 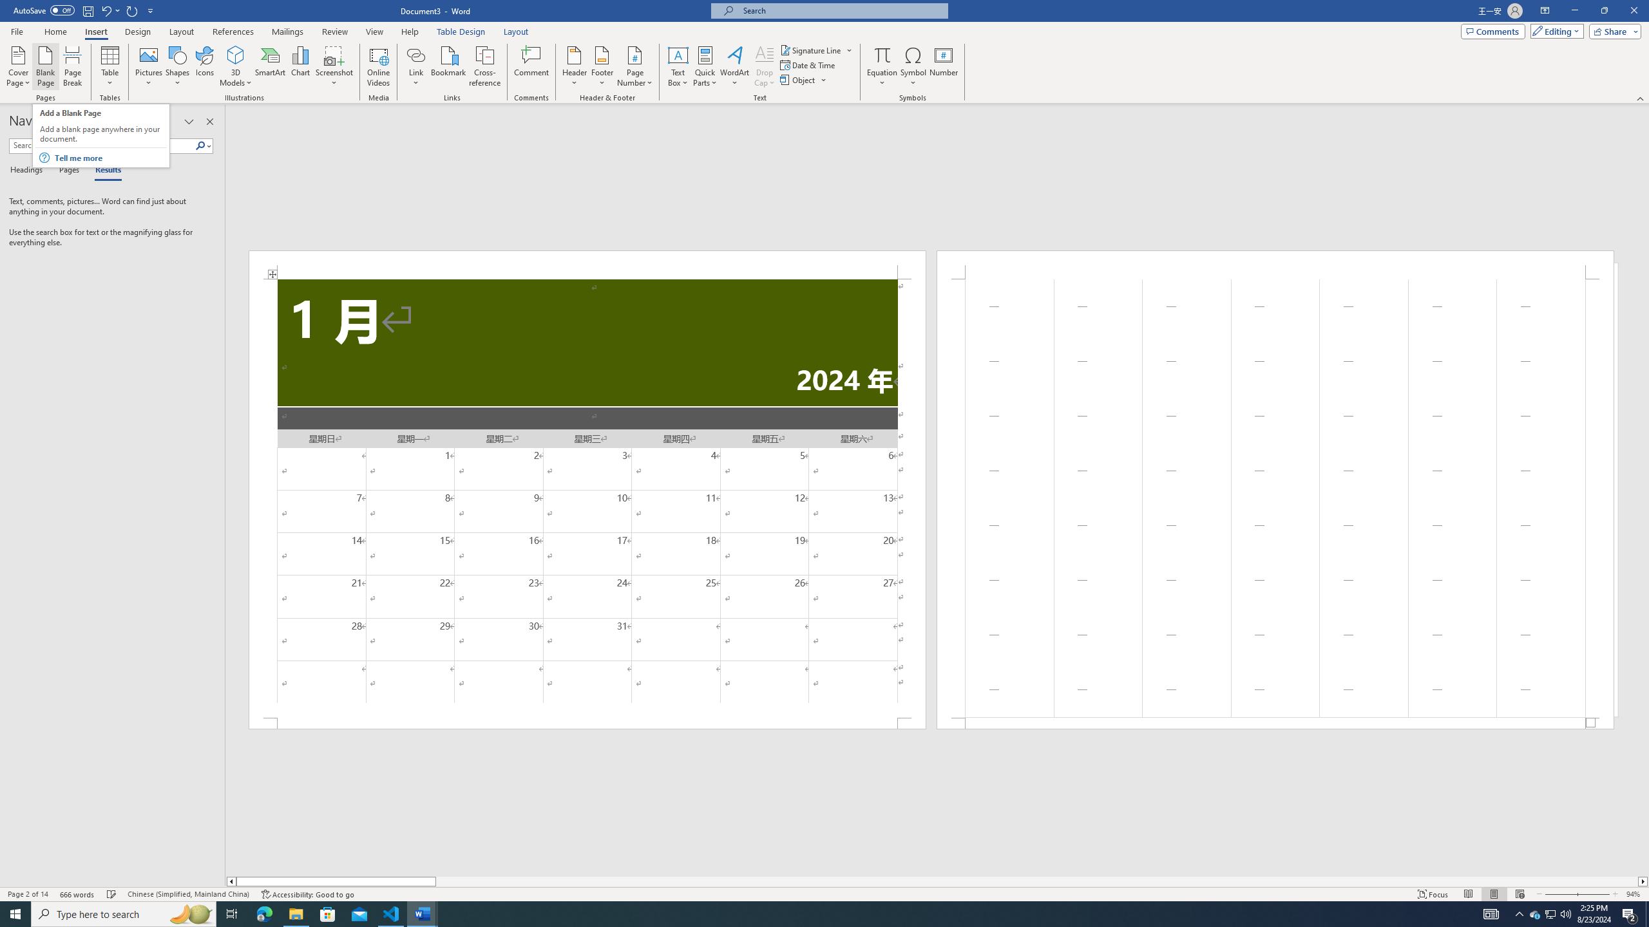 What do you see at coordinates (764, 66) in the screenshot?
I see `'Drop Cap'` at bounding box center [764, 66].